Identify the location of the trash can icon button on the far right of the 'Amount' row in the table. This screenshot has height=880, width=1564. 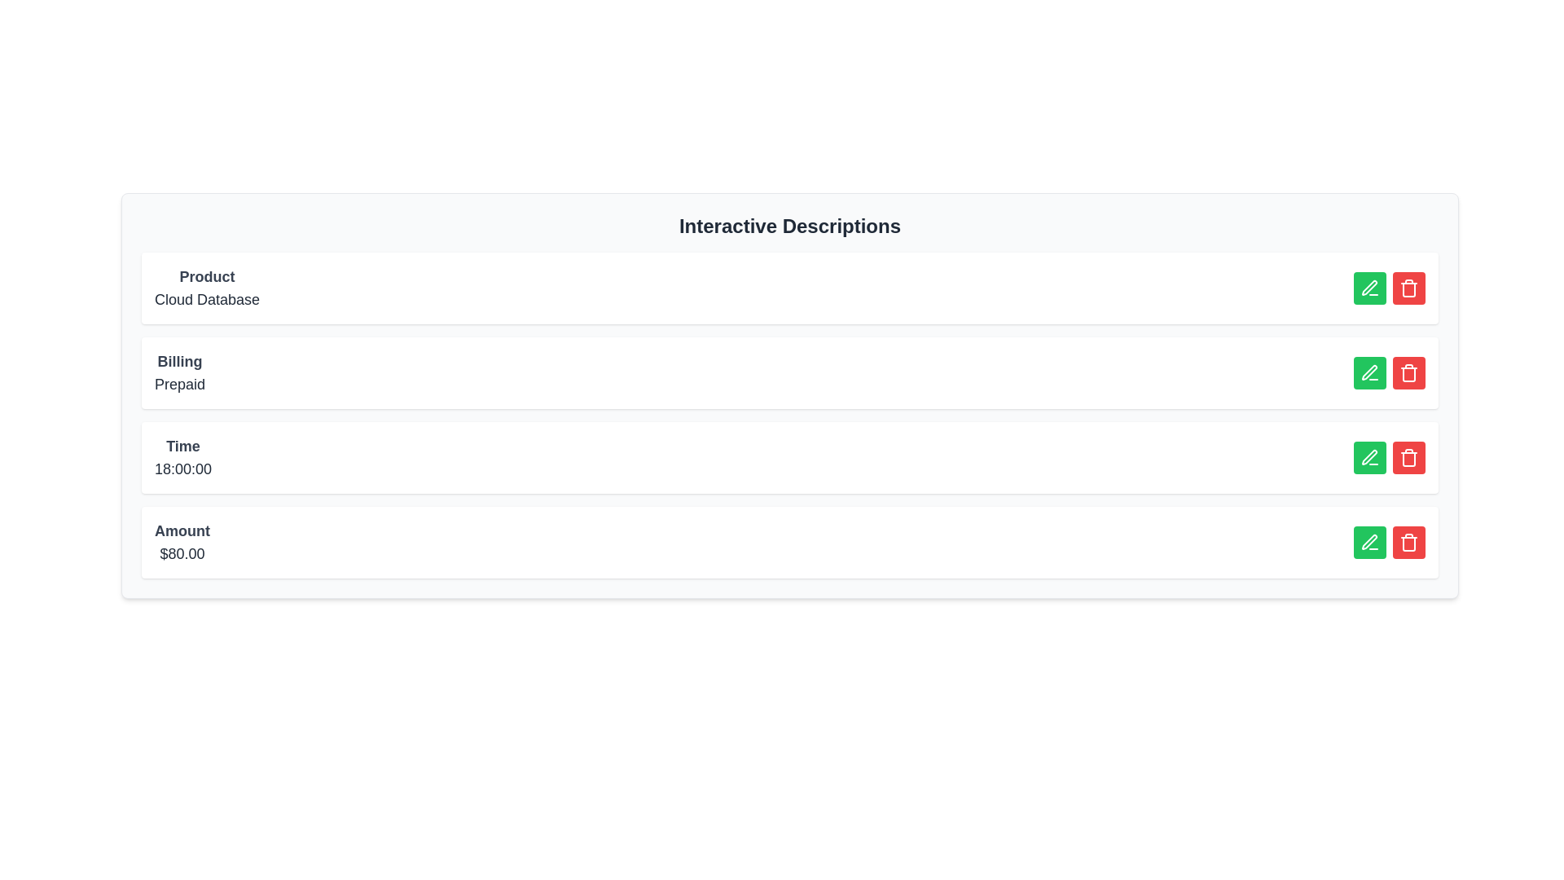
(1408, 543).